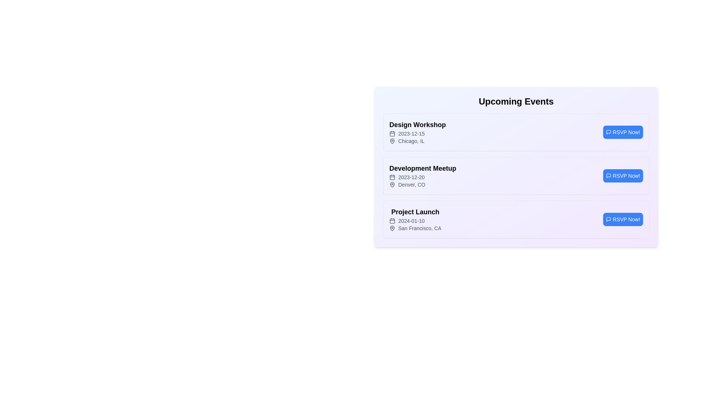 This screenshot has height=399, width=710. What do you see at coordinates (622, 219) in the screenshot?
I see `the RSVP button for the event titled 'Project Launch'` at bounding box center [622, 219].